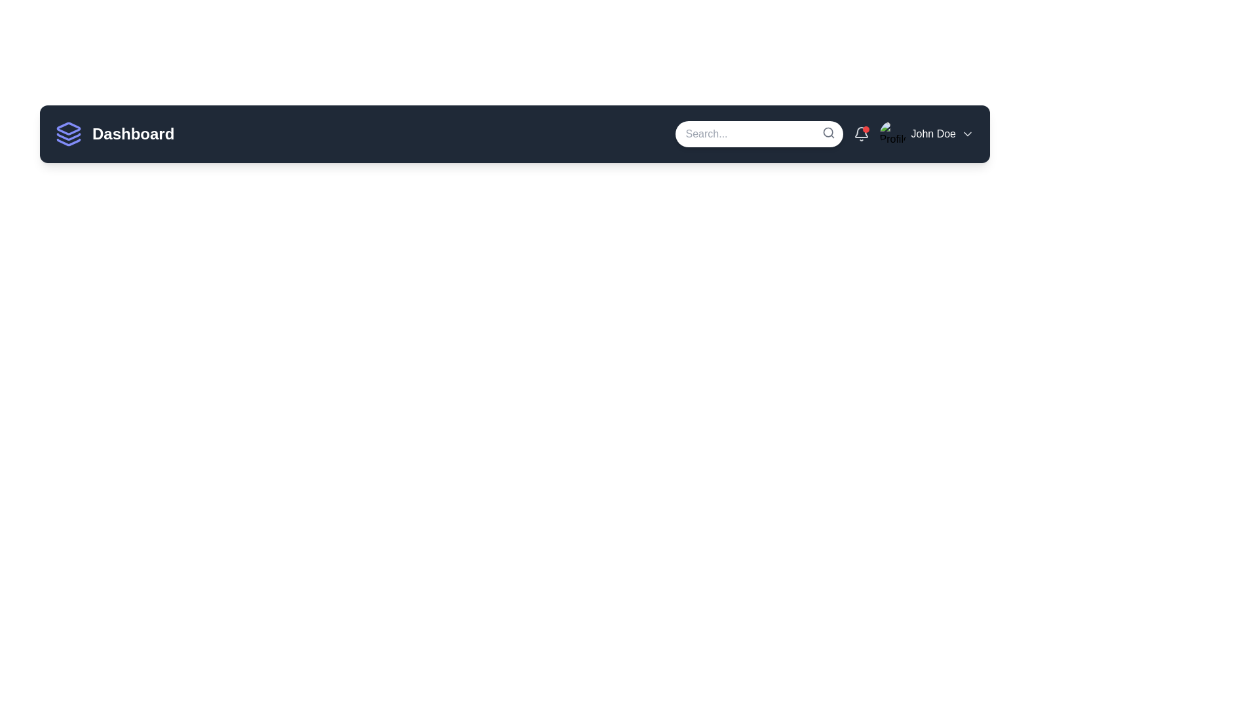 This screenshot has width=1258, height=707. I want to click on the text label in the horizontal navigation bar that indicates the current section, located to the right of the stack of layers icon, to possibly reveal more information, so click(133, 134).